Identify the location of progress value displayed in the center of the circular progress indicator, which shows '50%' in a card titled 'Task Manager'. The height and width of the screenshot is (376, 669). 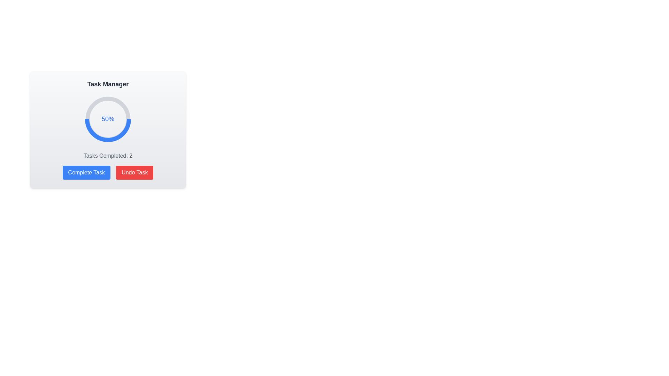
(108, 119).